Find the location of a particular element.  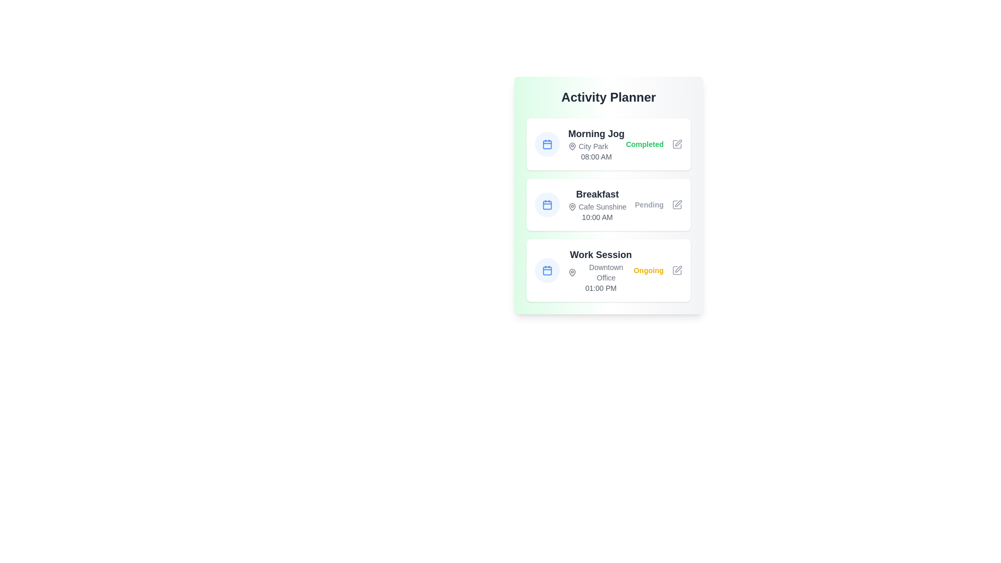

the 'Completed' text label, which indicates the status of the 'Morning Jog' task, positioned to the left of the pencil icon is located at coordinates (644, 144).